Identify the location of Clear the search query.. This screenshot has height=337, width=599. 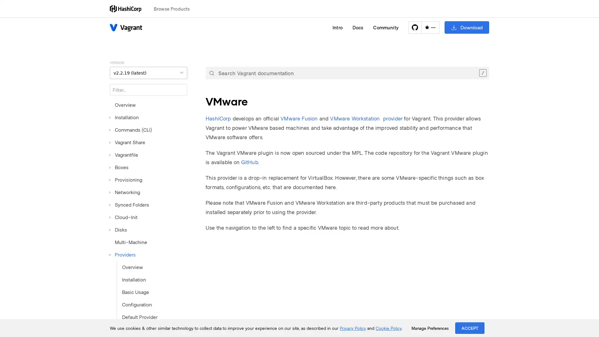
(482, 73).